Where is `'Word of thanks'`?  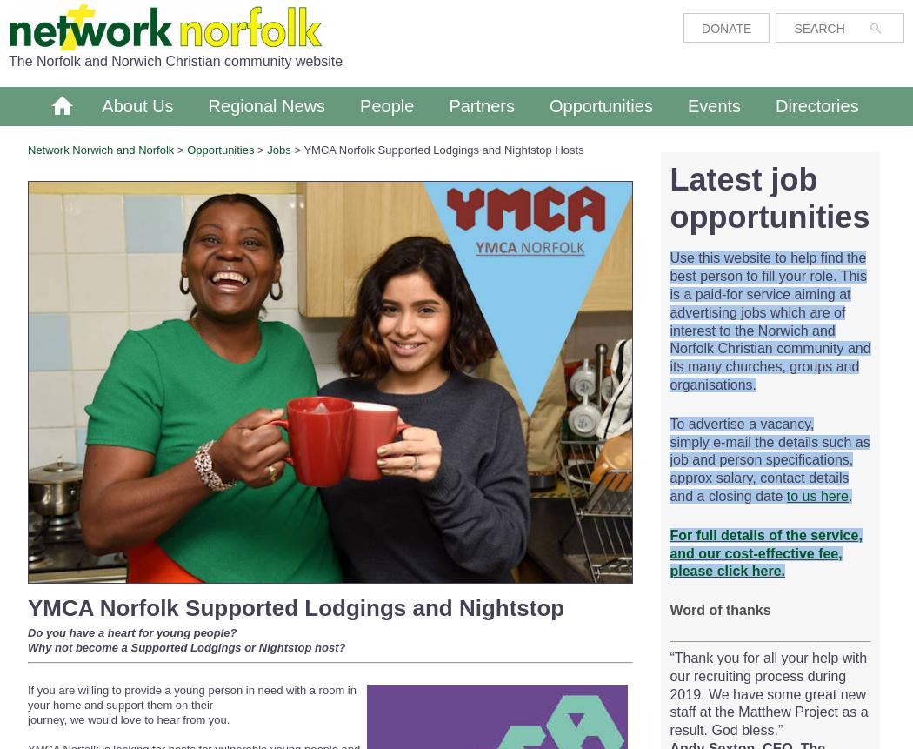 'Word of thanks' is located at coordinates (720, 609).